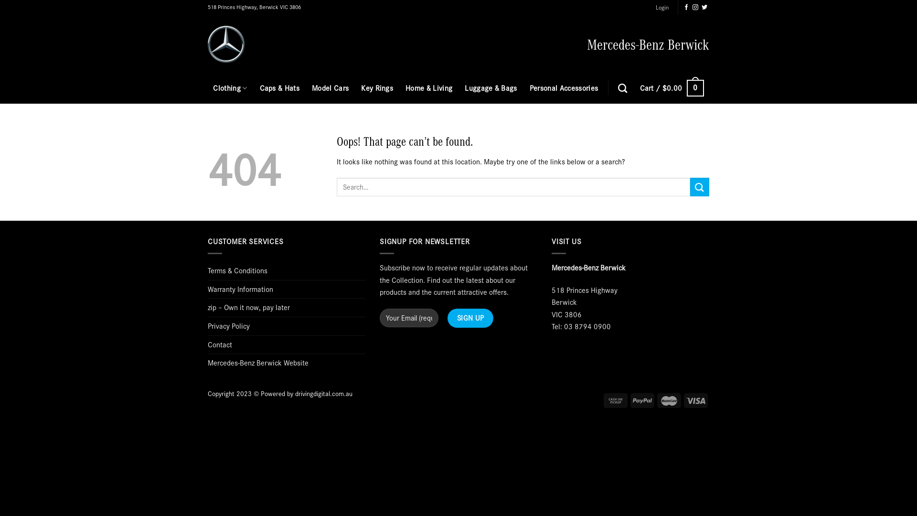  Describe the element at coordinates (360, 88) in the screenshot. I see `'Key Rings'` at that location.